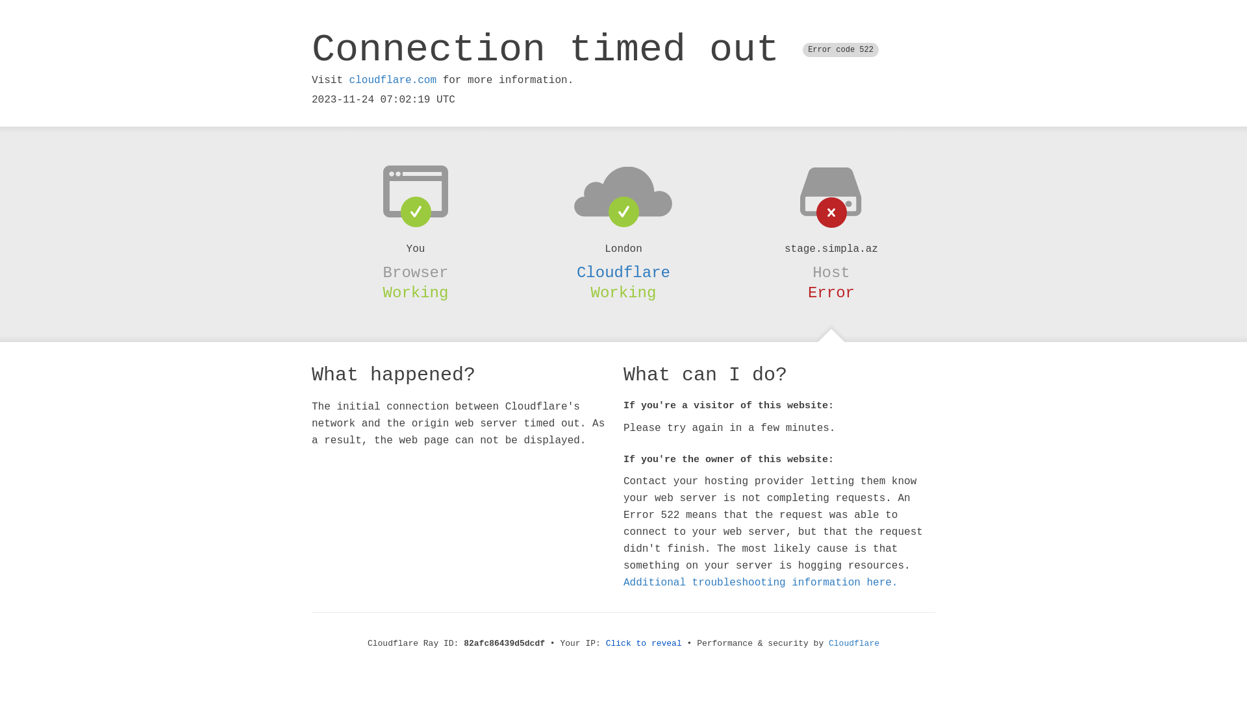  Describe the element at coordinates (623, 272) in the screenshot. I see `'Cloudflare'` at that location.